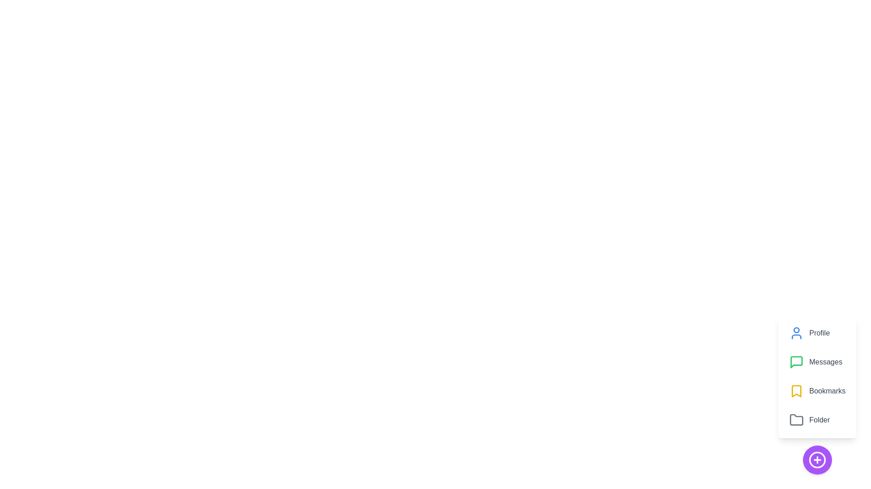  I want to click on the 'Folder' button in the speed dial menu, so click(817, 420).